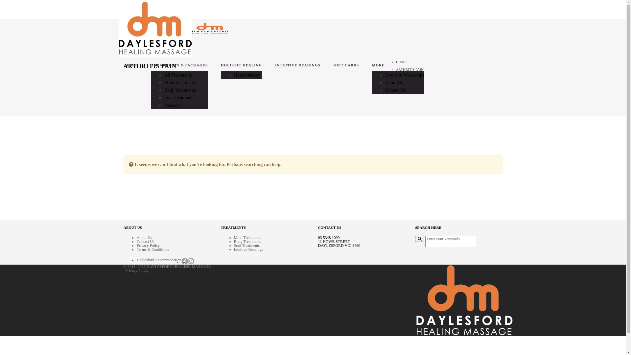  I want to click on 'About Us', so click(394, 82).